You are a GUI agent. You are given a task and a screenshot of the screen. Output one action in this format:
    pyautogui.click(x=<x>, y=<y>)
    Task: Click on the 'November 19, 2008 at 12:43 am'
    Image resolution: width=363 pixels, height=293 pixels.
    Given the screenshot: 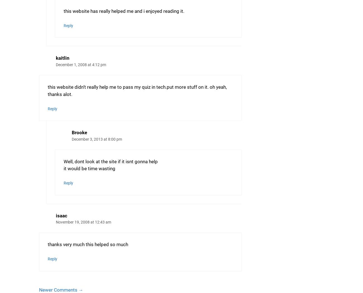 What is the action you would take?
    pyautogui.click(x=83, y=222)
    